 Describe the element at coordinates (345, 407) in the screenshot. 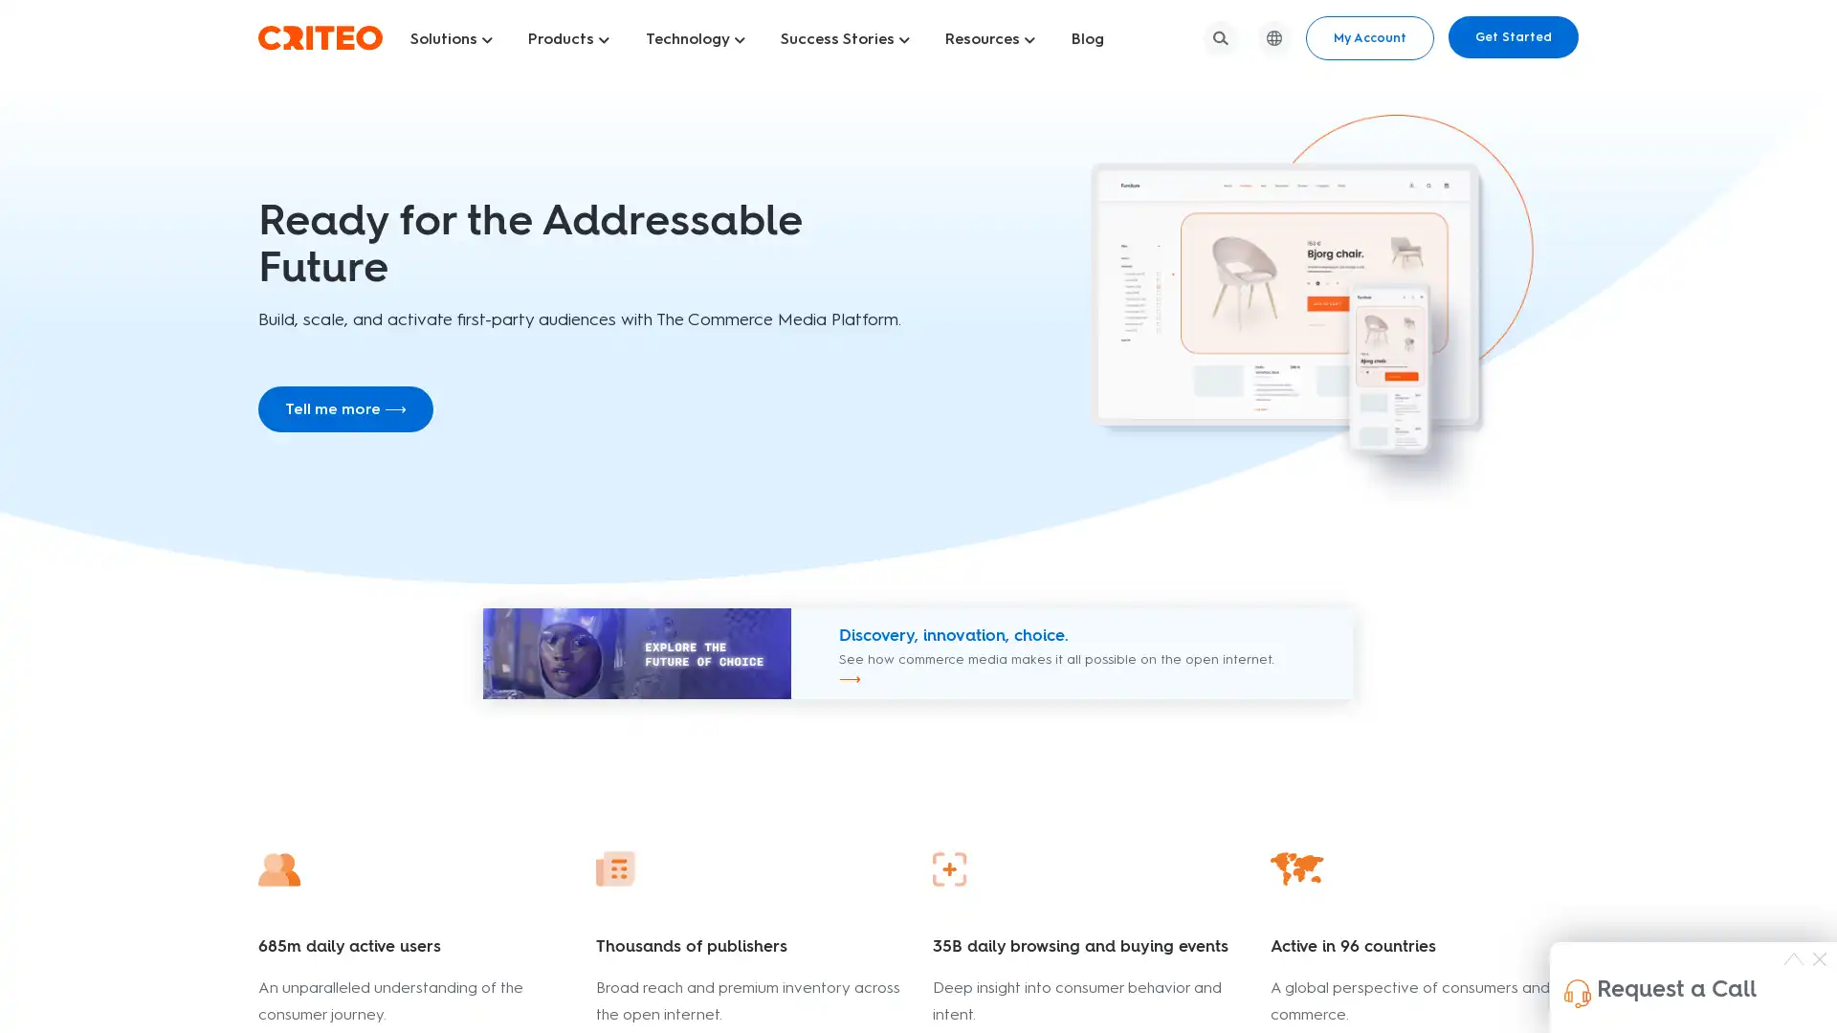

I see `Tell me more` at that location.